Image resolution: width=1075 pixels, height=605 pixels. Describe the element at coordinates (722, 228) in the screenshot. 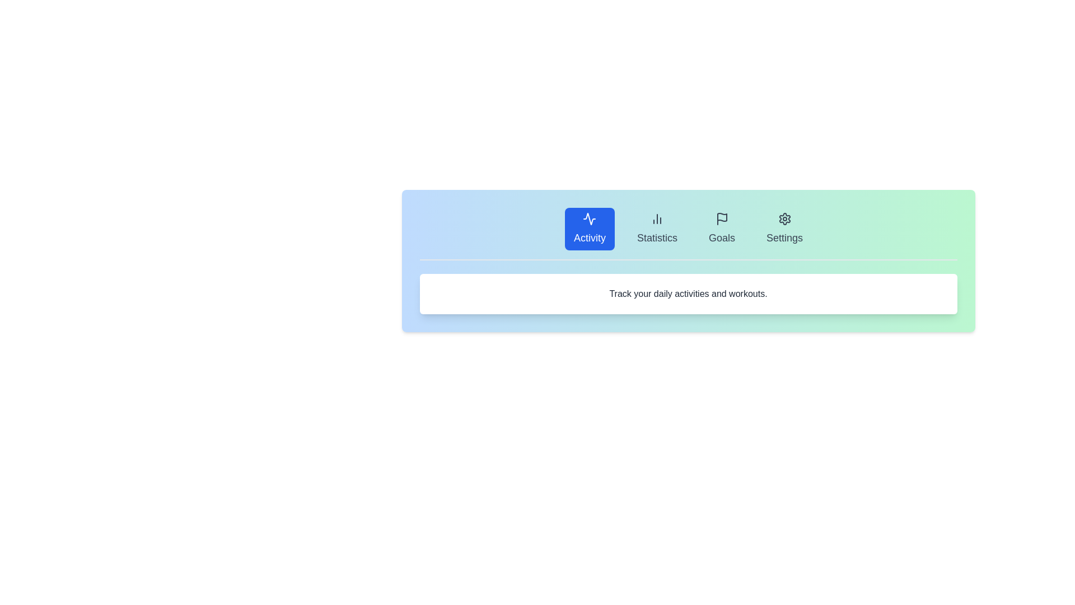

I see `the Goals tab by clicking on it` at that location.